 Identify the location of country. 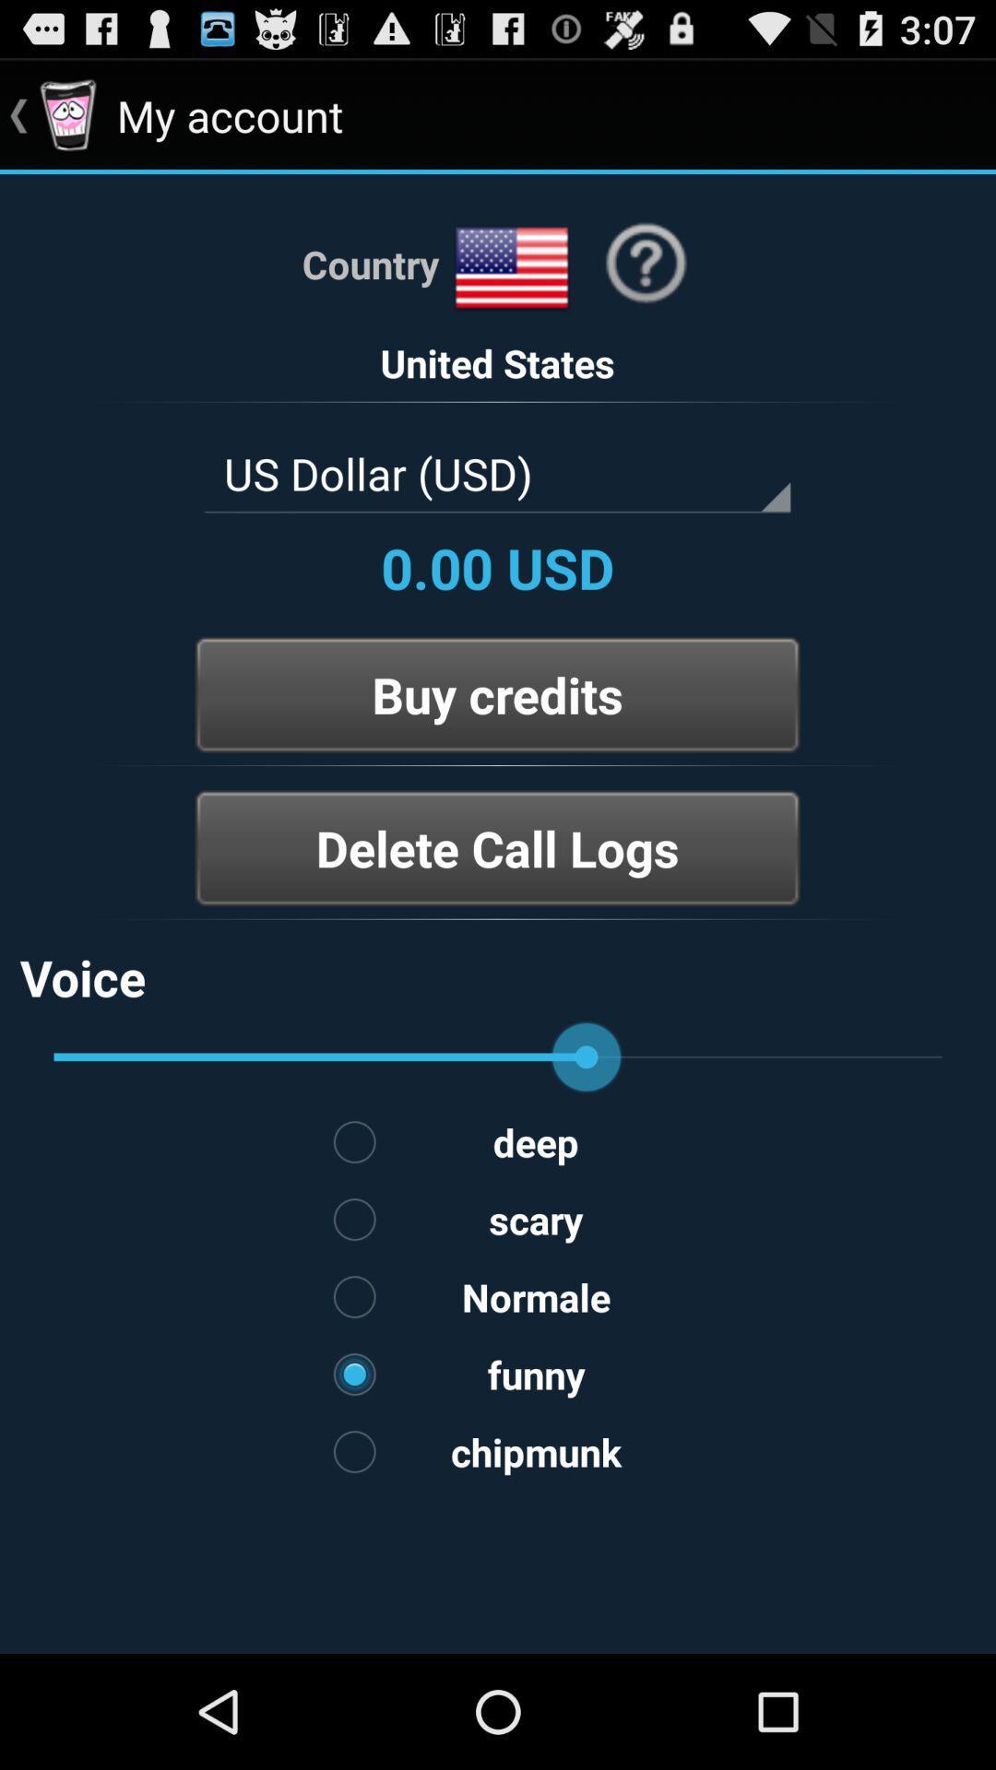
(512, 267).